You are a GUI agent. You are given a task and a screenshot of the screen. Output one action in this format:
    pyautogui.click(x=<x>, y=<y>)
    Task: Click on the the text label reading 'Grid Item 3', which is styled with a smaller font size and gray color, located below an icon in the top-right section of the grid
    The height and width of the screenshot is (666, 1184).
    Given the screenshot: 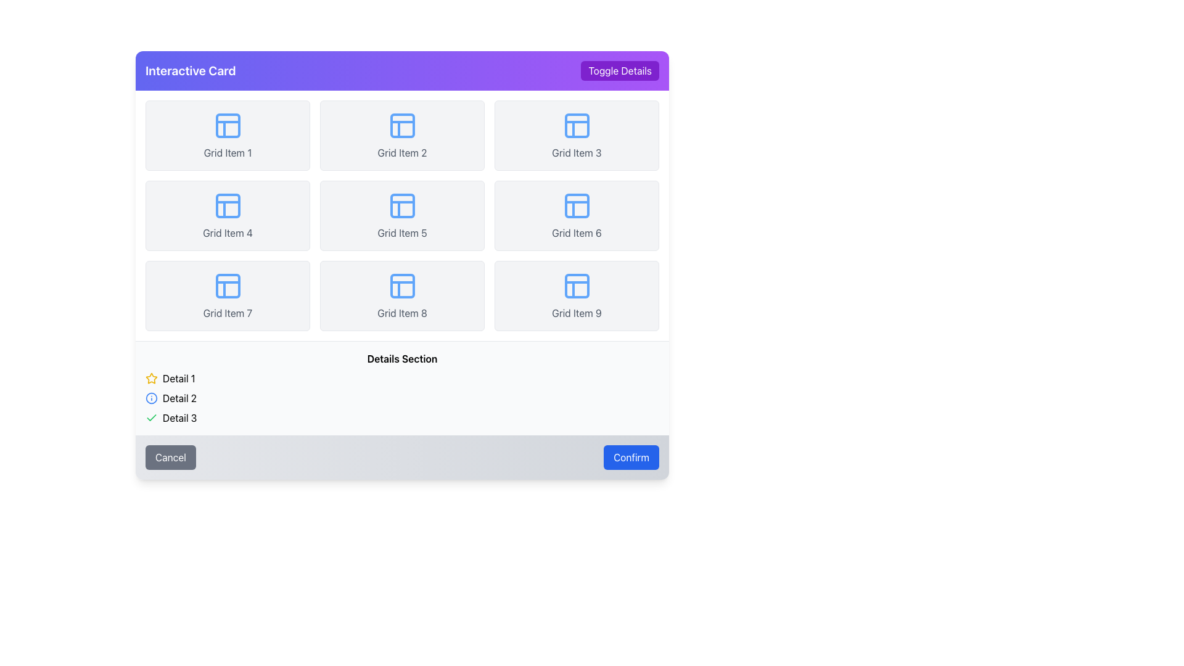 What is the action you would take?
    pyautogui.click(x=576, y=152)
    